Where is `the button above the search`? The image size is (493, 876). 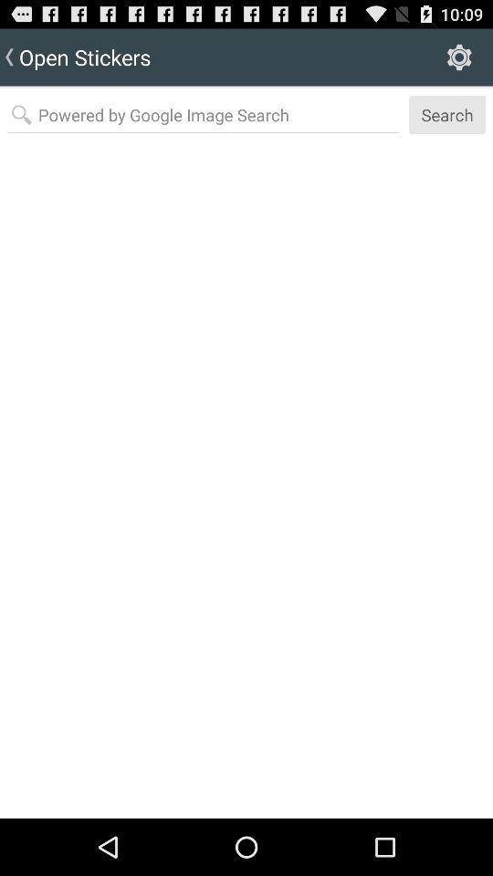 the button above the search is located at coordinates (458, 57).